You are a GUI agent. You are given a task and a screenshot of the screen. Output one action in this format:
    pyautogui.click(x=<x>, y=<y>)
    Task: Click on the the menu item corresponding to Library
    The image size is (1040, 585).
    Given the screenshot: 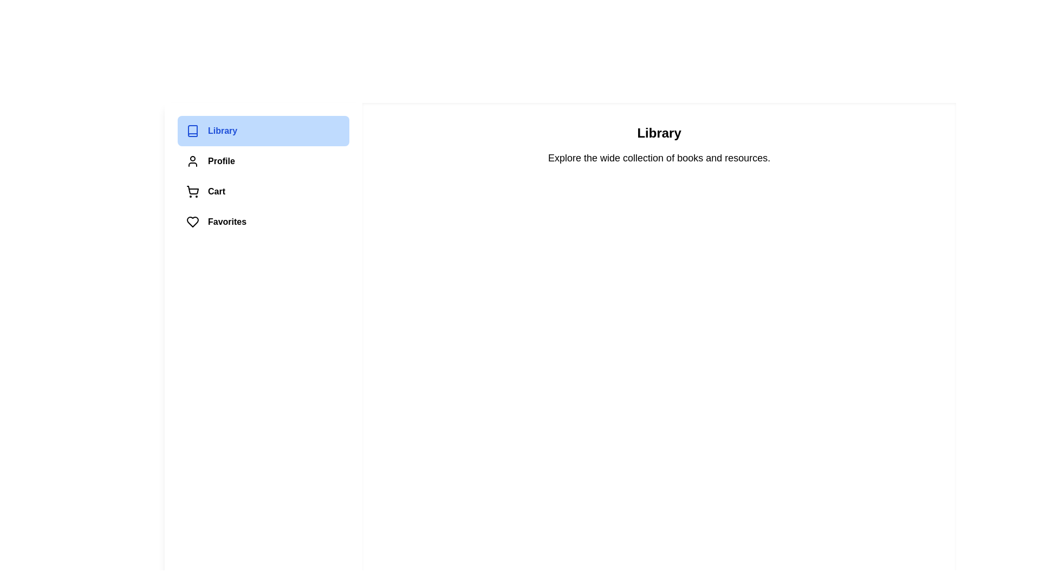 What is the action you would take?
    pyautogui.click(x=263, y=131)
    